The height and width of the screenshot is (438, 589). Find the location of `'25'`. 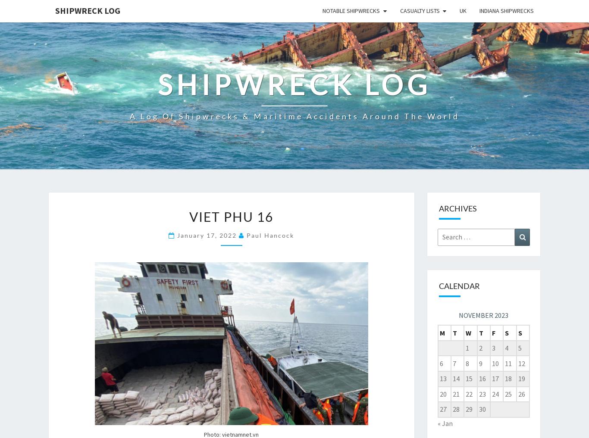

'25' is located at coordinates (508, 393).